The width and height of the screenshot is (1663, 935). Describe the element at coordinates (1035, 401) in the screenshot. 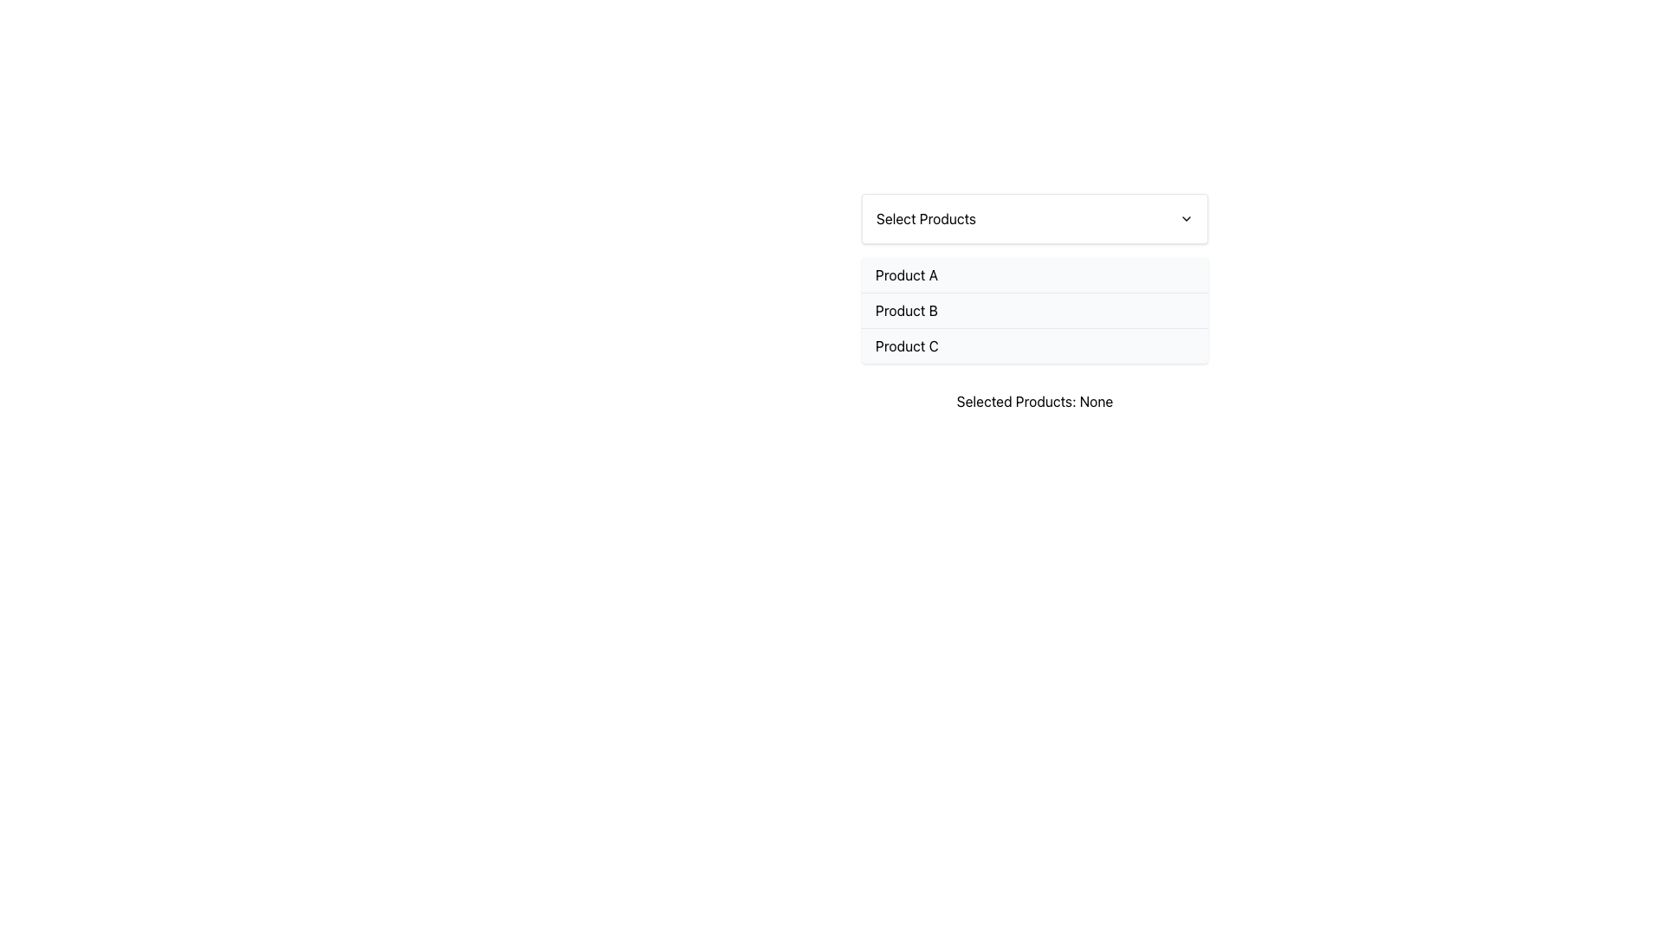

I see `text displayed in the static label that shows the user's current selection, which is positioned centrally at the bottom of the product list` at that location.